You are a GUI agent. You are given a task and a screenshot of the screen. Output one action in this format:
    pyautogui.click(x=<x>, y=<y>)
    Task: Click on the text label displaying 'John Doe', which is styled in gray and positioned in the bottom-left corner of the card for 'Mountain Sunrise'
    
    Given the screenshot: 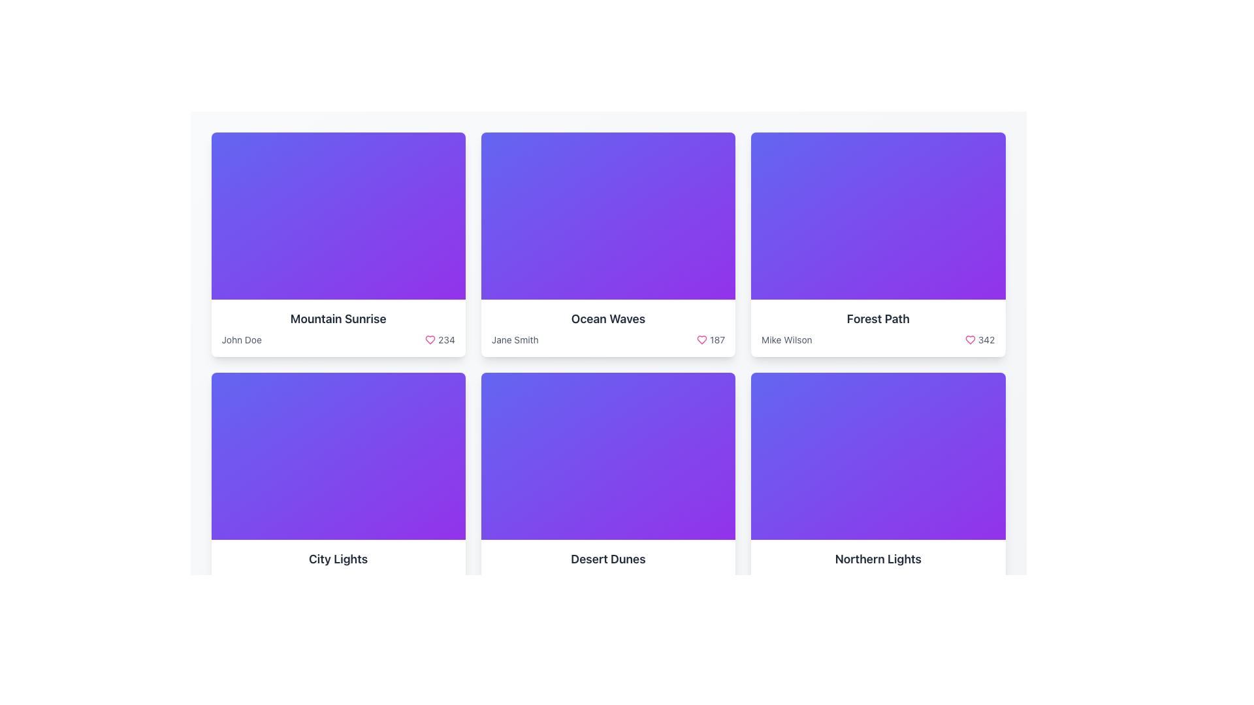 What is the action you would take?
    pyautogui.click(x=242, y=339)
    